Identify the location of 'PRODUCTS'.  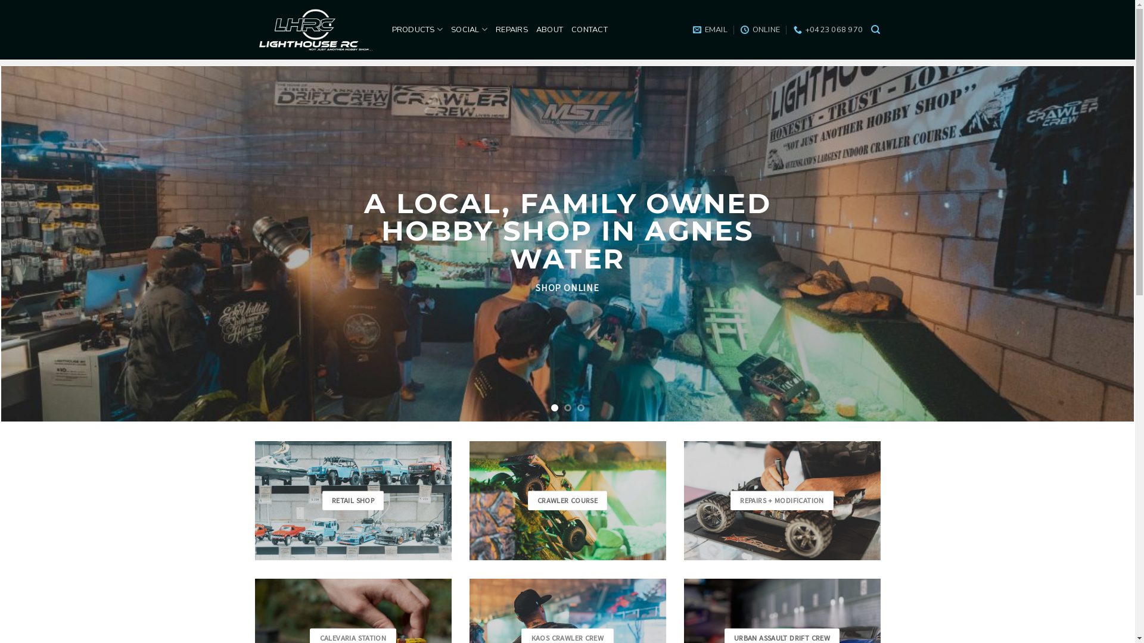
(391, 29).